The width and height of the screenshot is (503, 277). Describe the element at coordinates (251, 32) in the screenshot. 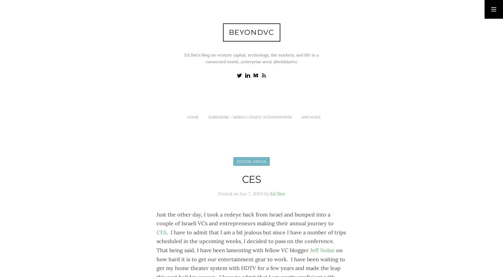

I see `'BeyondVC'` at that location.